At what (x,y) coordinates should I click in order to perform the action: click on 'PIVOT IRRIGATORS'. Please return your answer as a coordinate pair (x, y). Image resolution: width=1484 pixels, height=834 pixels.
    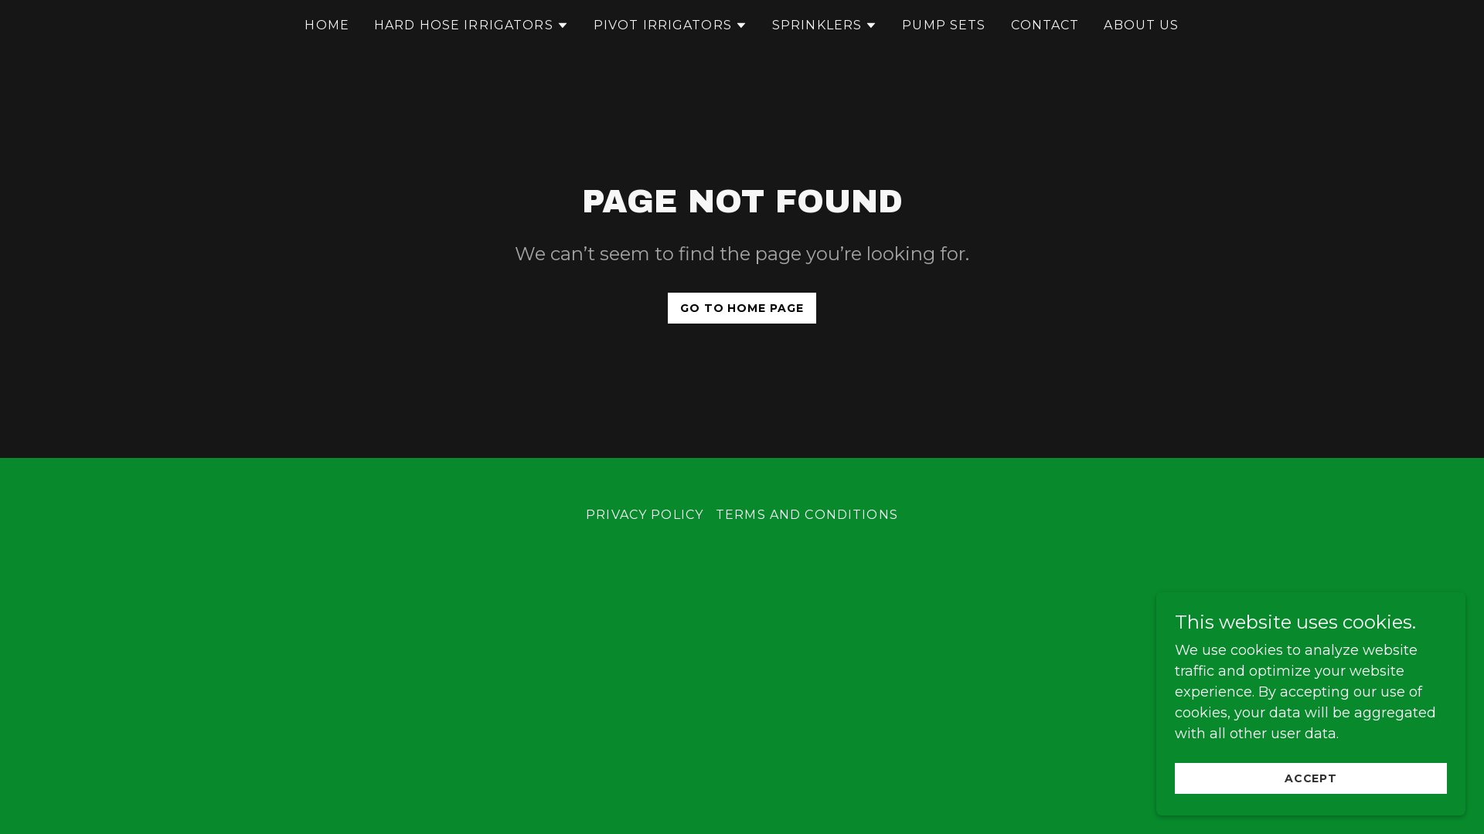
    Looking at the image, I should click on (593, 25).